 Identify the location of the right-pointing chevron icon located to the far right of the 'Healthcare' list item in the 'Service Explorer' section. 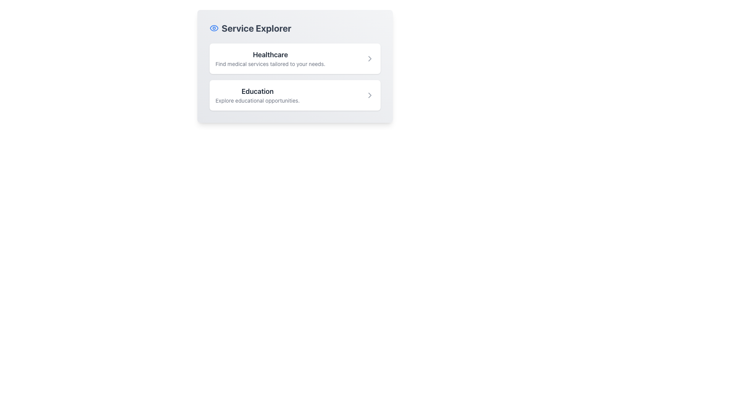
(370, 58).